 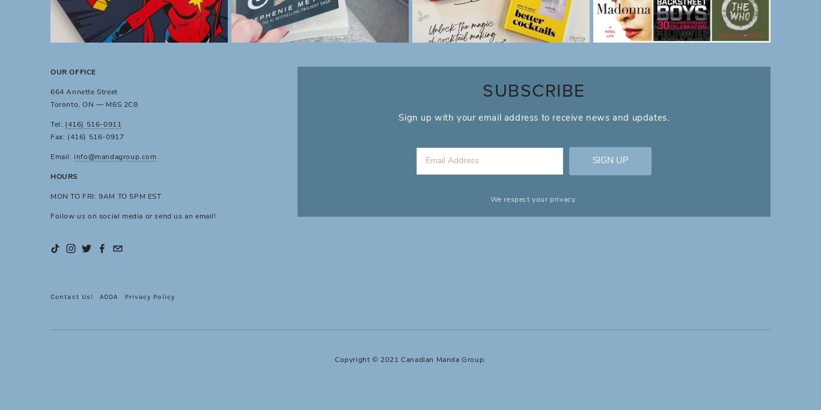 I want to click on 'AODA', so click(x=108, y=296).